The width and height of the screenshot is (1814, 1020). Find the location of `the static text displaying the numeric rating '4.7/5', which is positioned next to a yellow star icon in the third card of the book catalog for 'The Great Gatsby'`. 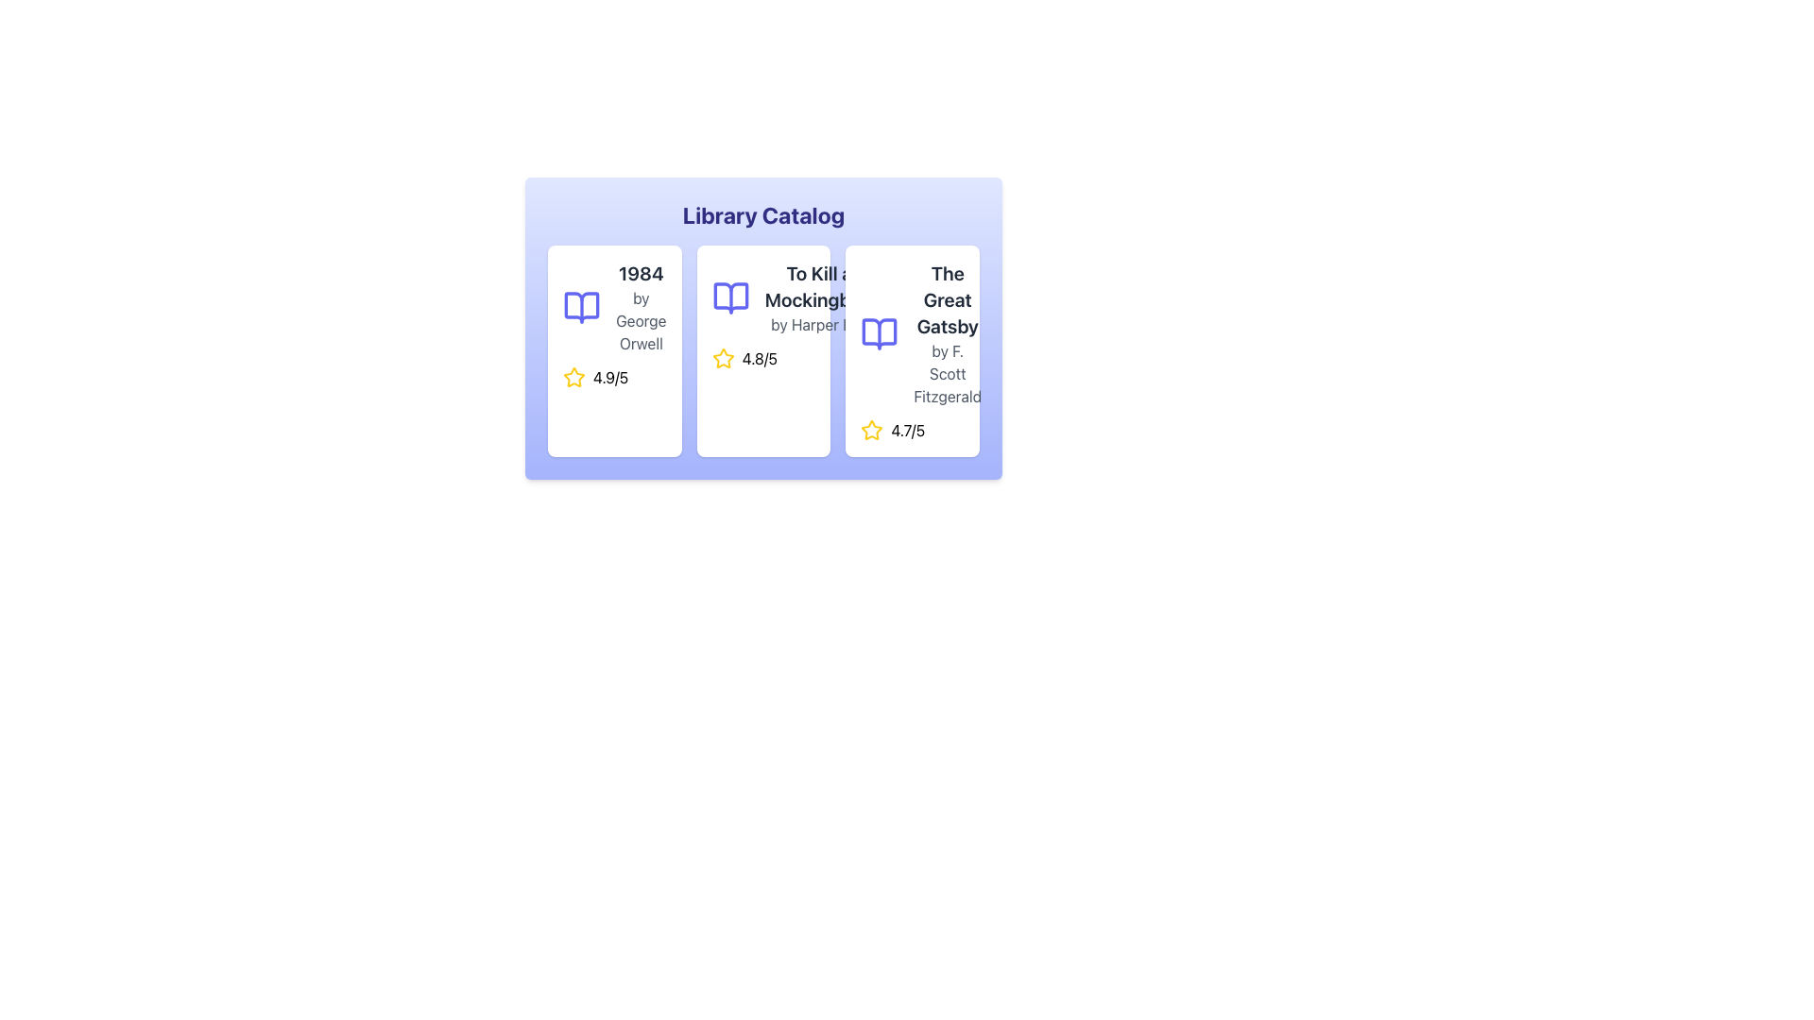

the static text displaying the numeric rating '4.7/5', which is positioned next to a yellow star icon in the third card of the book catalog for 'The Great Gatsby' is located at coordinates (908, 430).